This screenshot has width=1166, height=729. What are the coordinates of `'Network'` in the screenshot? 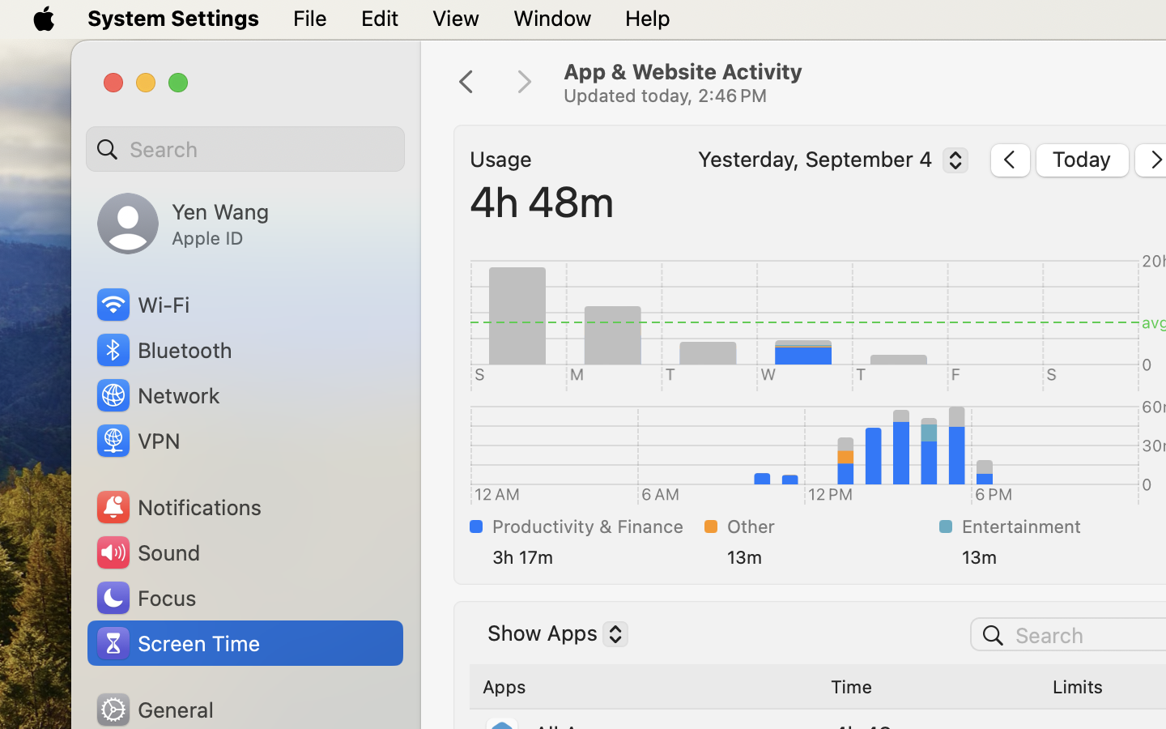 It's located at (156, 394).